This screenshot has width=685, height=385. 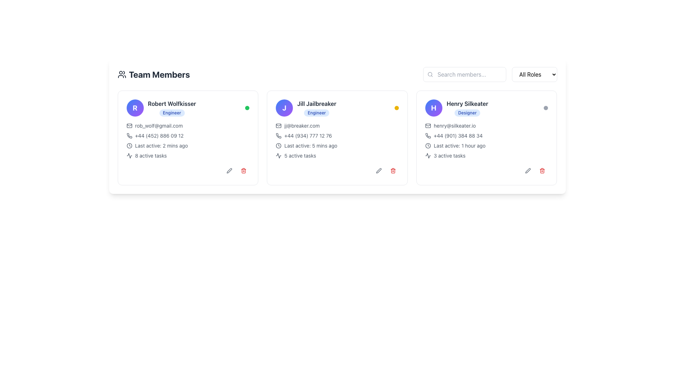 What do you see at coordinates (467, 112) in the screenshot?
I see `text on the rounded badge with a light blue background and dark blue text that says 'Designer', located in the right-most user information card below the name 'Henry Silkeater'` at bounding box center [467, 112].